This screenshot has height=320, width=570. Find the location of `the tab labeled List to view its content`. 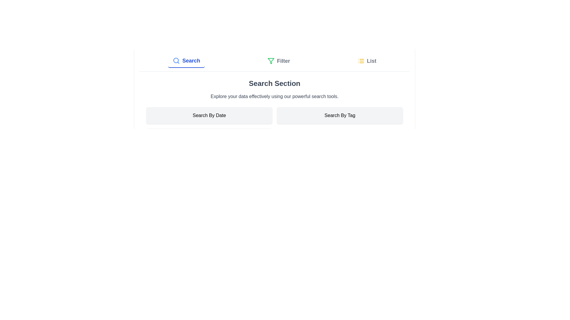

the tab labeled List to view its content is located at coordinates (366, 61).